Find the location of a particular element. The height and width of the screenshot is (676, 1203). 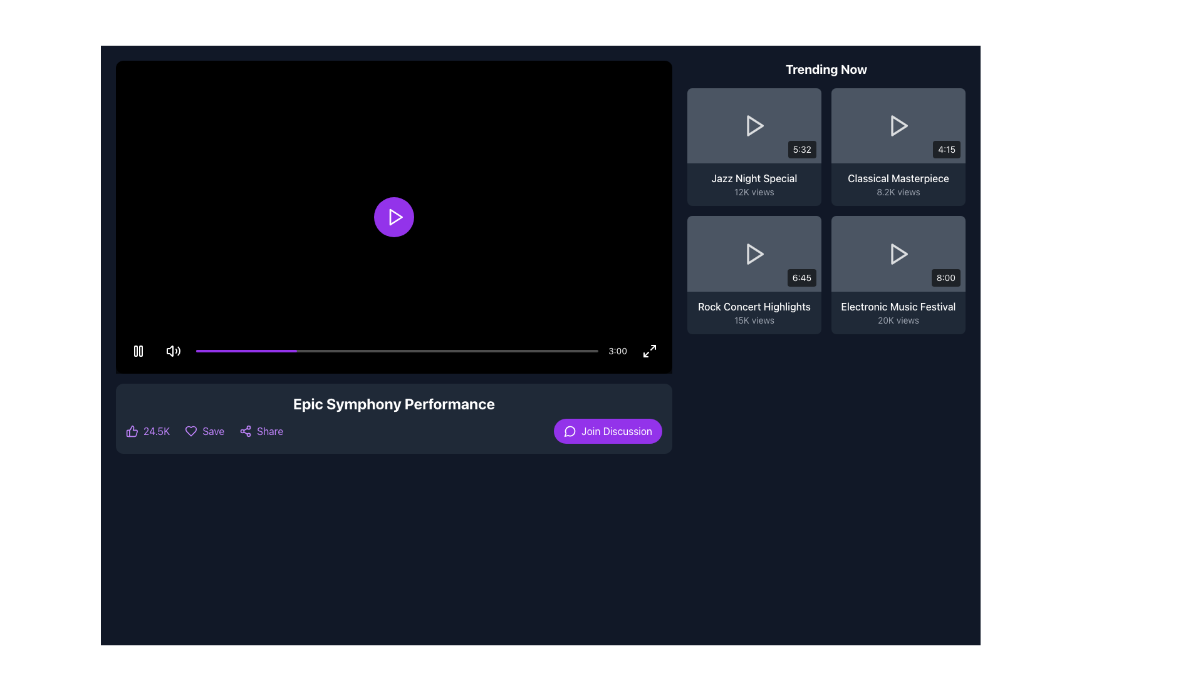

the timer indicator text label at the bottom-right of the video player control bar, which displays the current video timestamp or duration is located at coordinates (618, 351).